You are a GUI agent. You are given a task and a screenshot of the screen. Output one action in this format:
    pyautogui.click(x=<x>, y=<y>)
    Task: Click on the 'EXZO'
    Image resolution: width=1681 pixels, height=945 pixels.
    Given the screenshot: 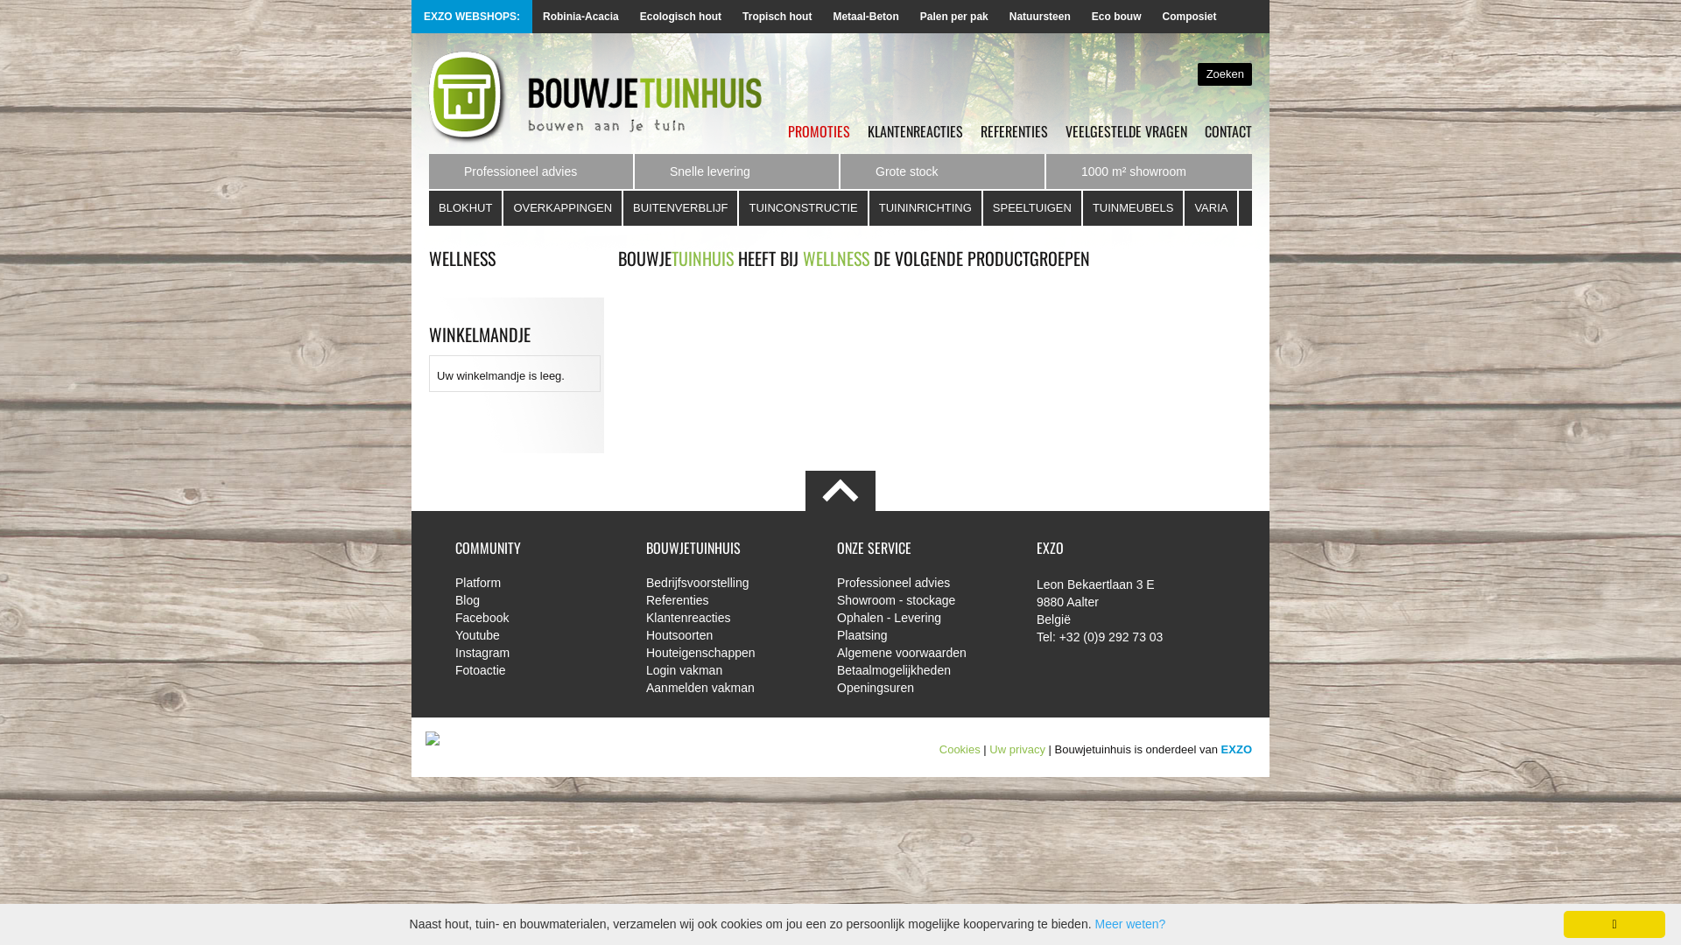 What is the action you would take?
    pyautogui.click(x=1235, y=748)
    